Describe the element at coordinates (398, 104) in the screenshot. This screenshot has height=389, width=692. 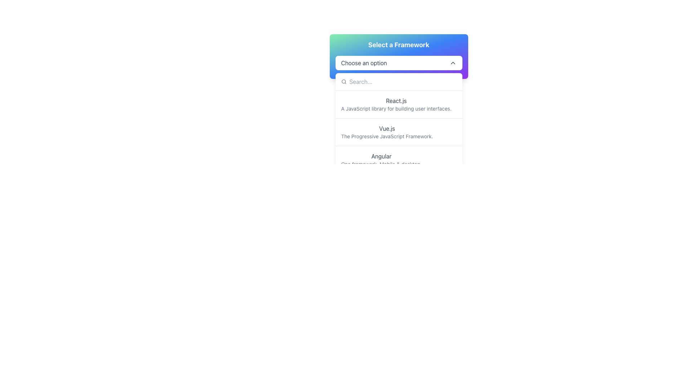
I see `text information from the 'React.js' dropdown option, which is the first item in the dropdown menu and contains a heading and description aligned to the left` at that location.